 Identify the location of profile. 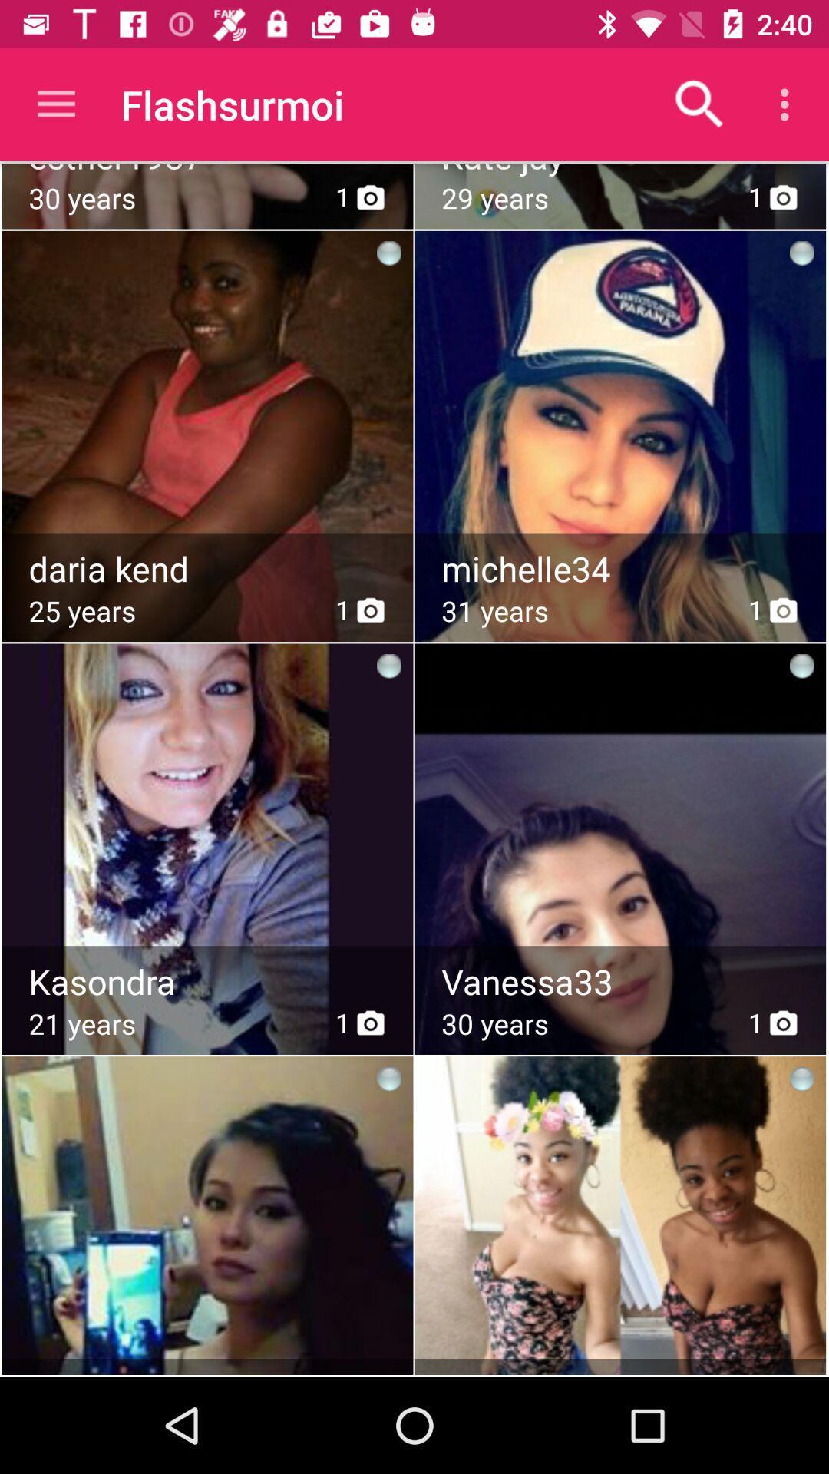
(207, 810).